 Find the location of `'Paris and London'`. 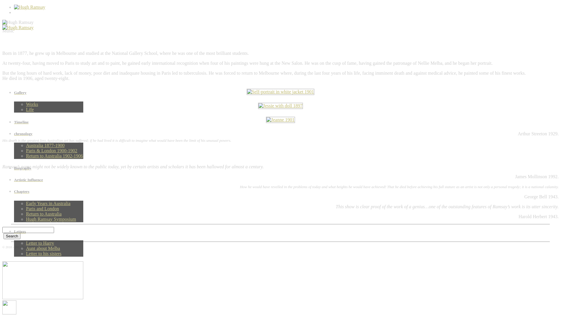

'Paris and London' is located at coordinates (42, 208).